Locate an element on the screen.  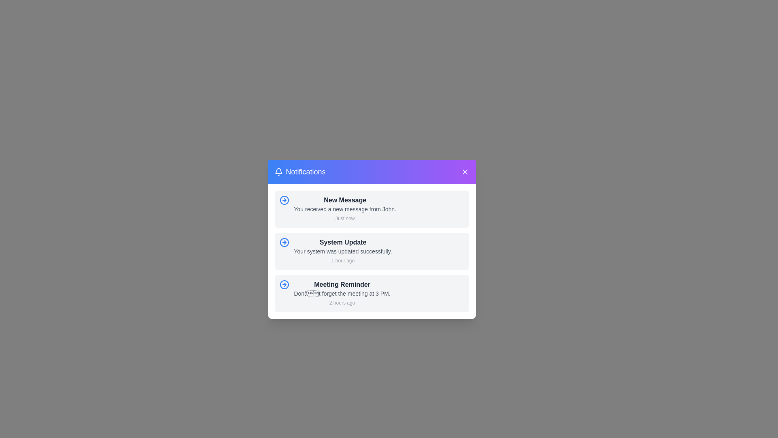
the text label indicating the time relative to now, located in the bottom-right corner of the 'New Message' notification, below the main message content is located at coordinates (345, 218).